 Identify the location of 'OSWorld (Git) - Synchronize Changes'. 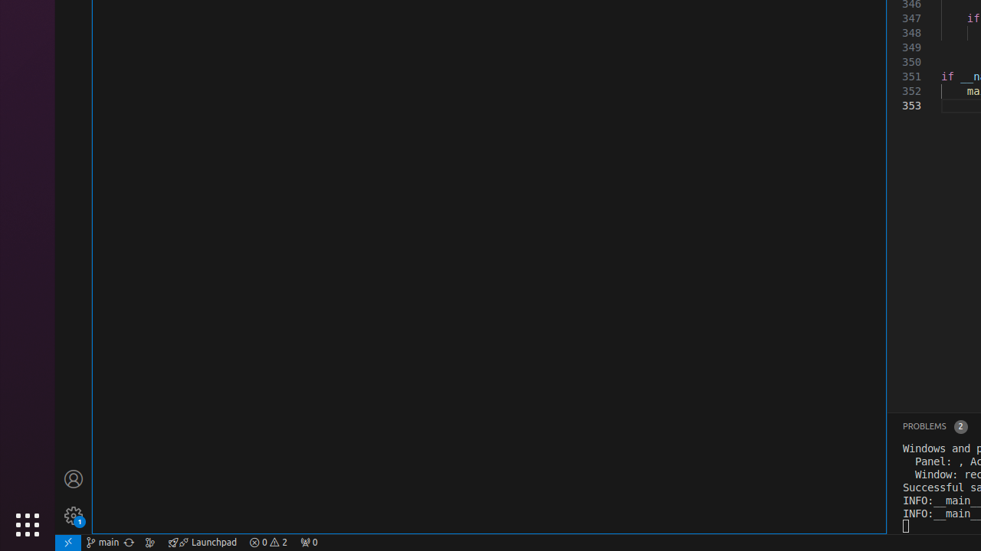
(129, 541).